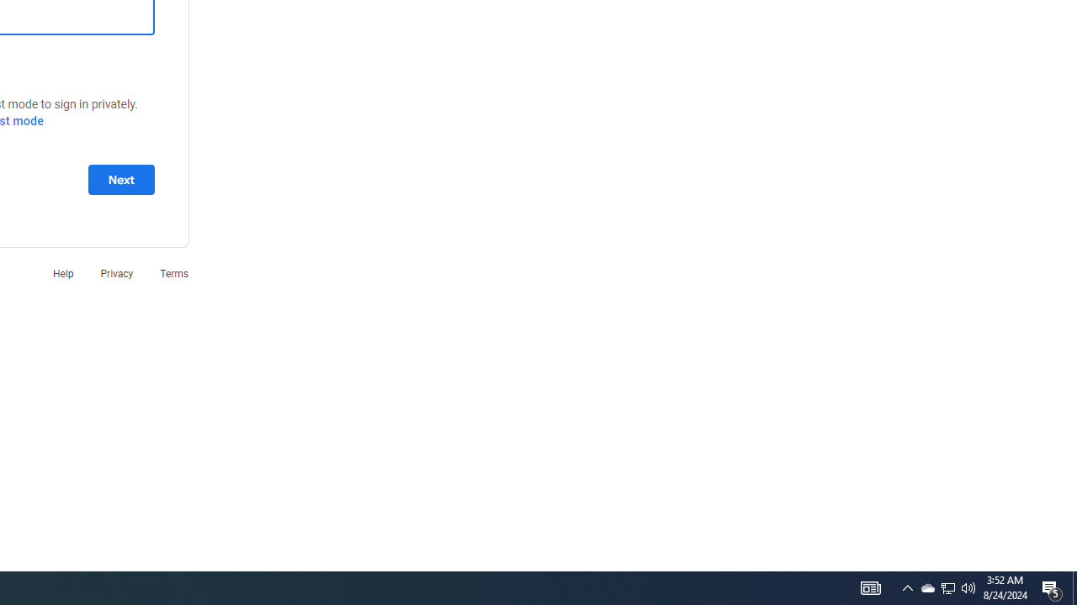 This screenshot has height=605, width=1077. Describe the element at coordinates (115, 272) in the screenshot. I see `'Privacy'` at that location.